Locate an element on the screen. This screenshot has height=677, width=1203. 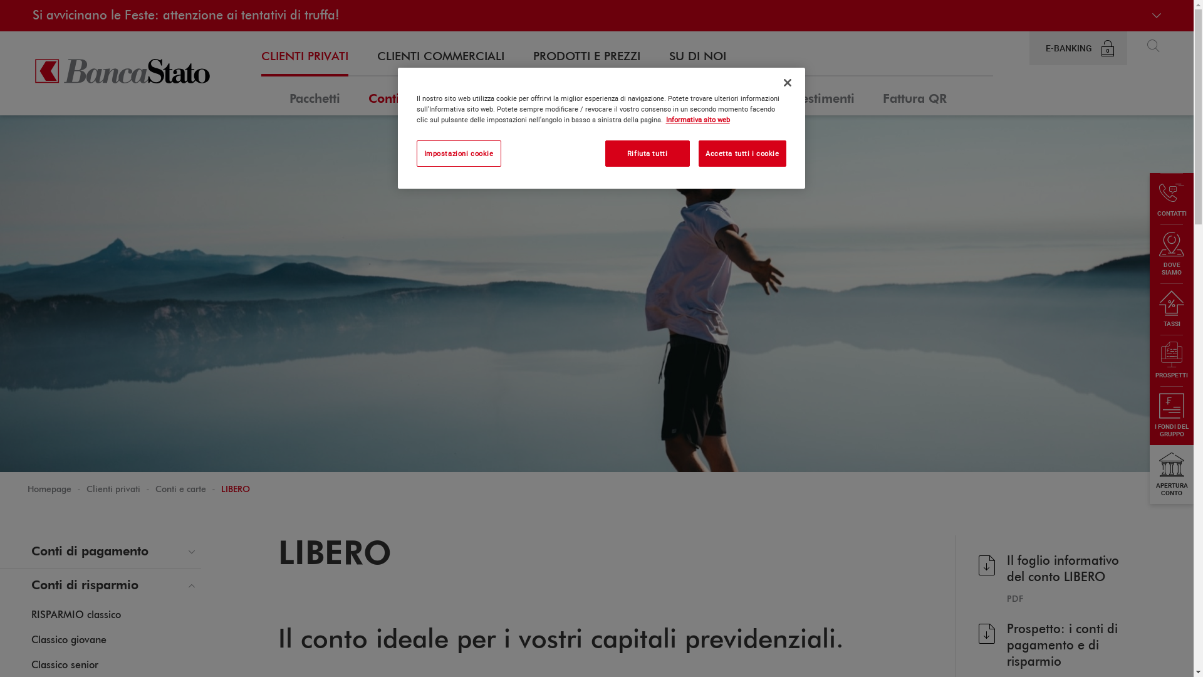
'Rifiuta tutti' is located at coordinates (605, 153).